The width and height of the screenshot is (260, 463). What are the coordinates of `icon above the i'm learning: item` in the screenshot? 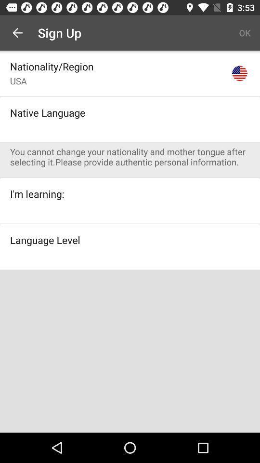 It's located at (134, 157).